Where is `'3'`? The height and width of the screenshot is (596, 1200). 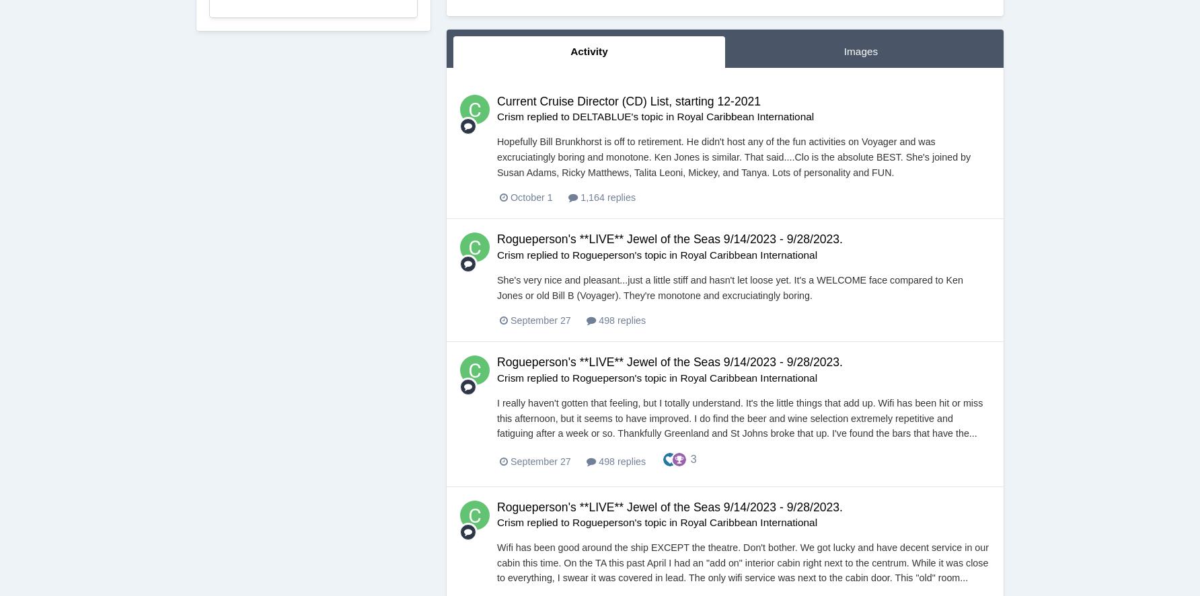 '3' is located at coordinates (692, 458).